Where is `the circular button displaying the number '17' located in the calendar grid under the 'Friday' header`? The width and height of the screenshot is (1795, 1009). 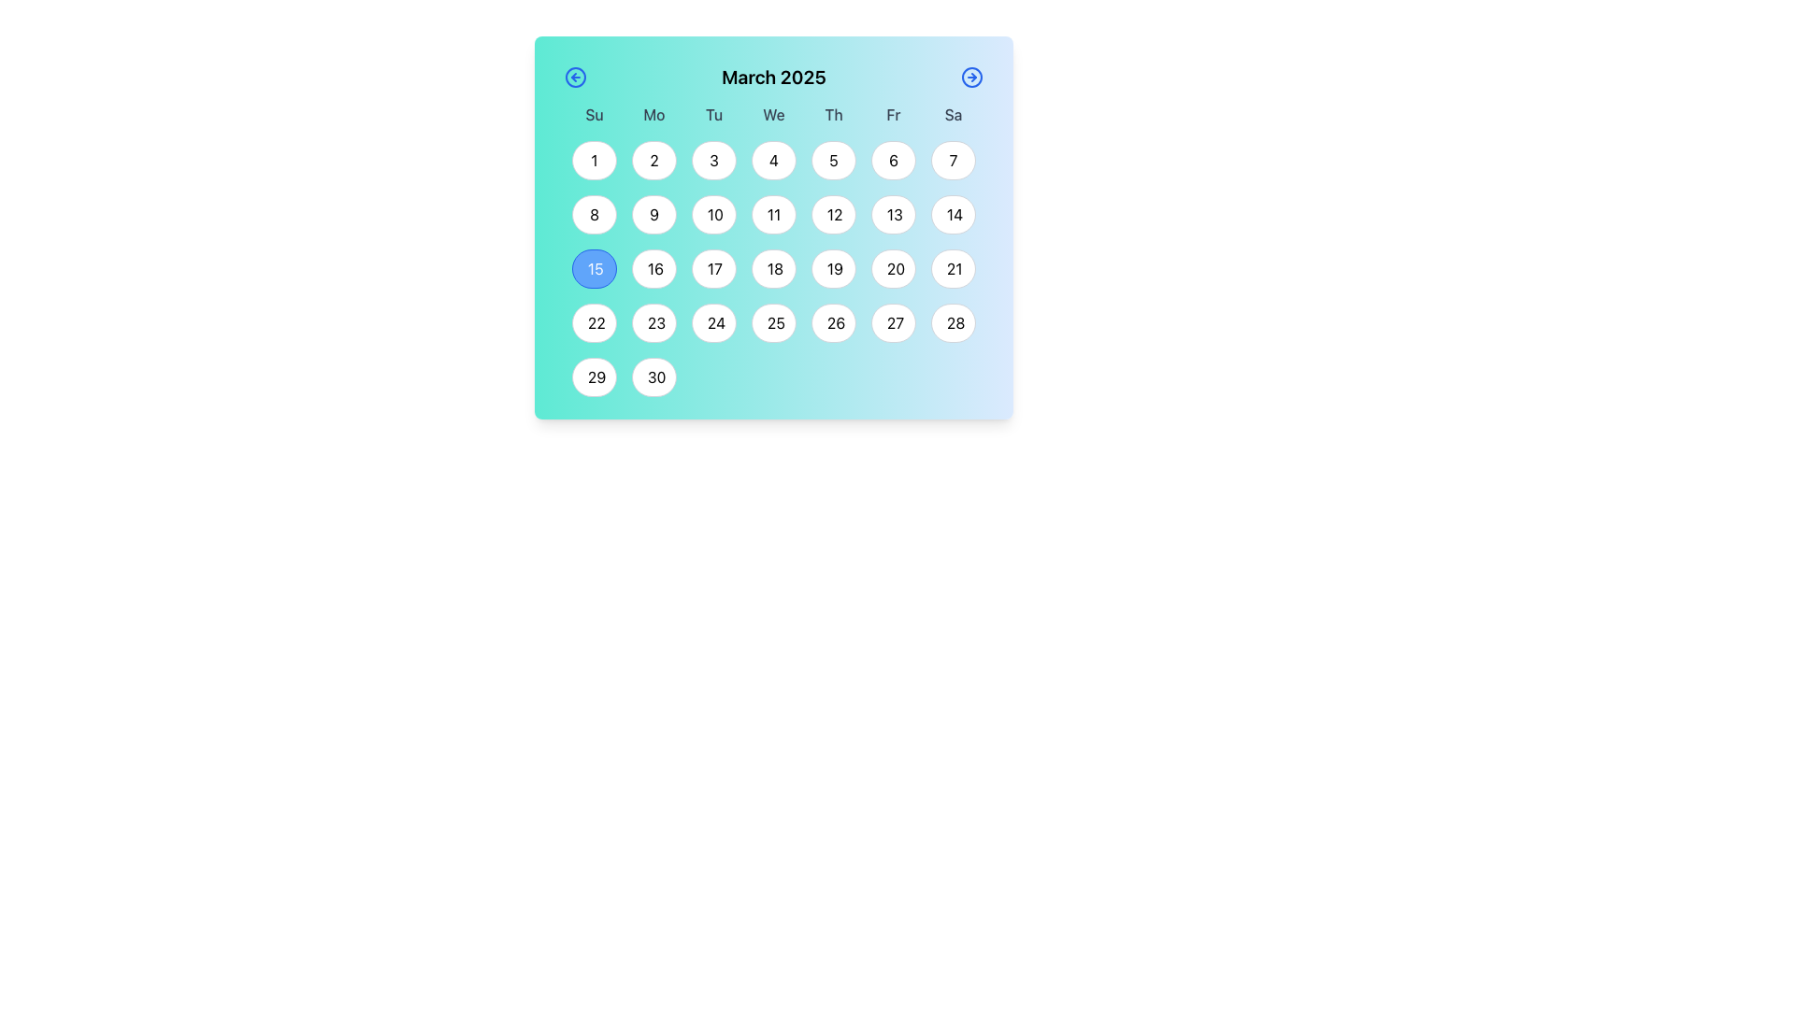 the circular button displaying the number '17' located in the calendar grid under the 'Friday' header is located at coordinates (712, 269).